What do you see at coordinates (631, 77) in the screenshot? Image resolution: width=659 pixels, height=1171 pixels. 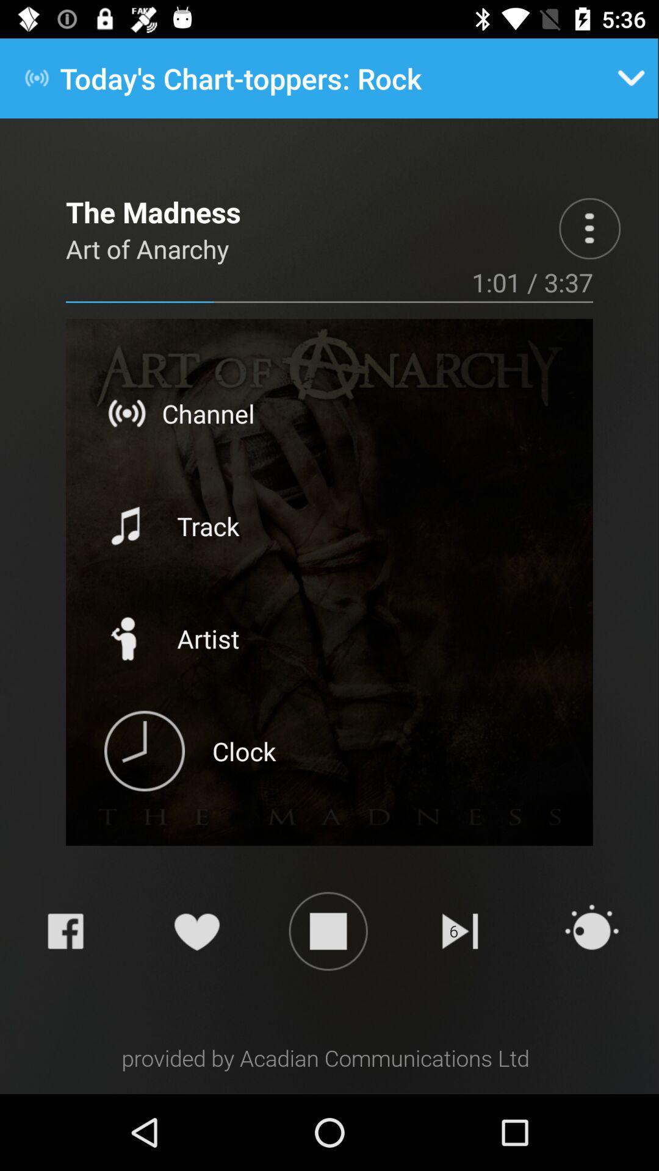 I see `the expand_more icon` at bounding box center [631, 77].